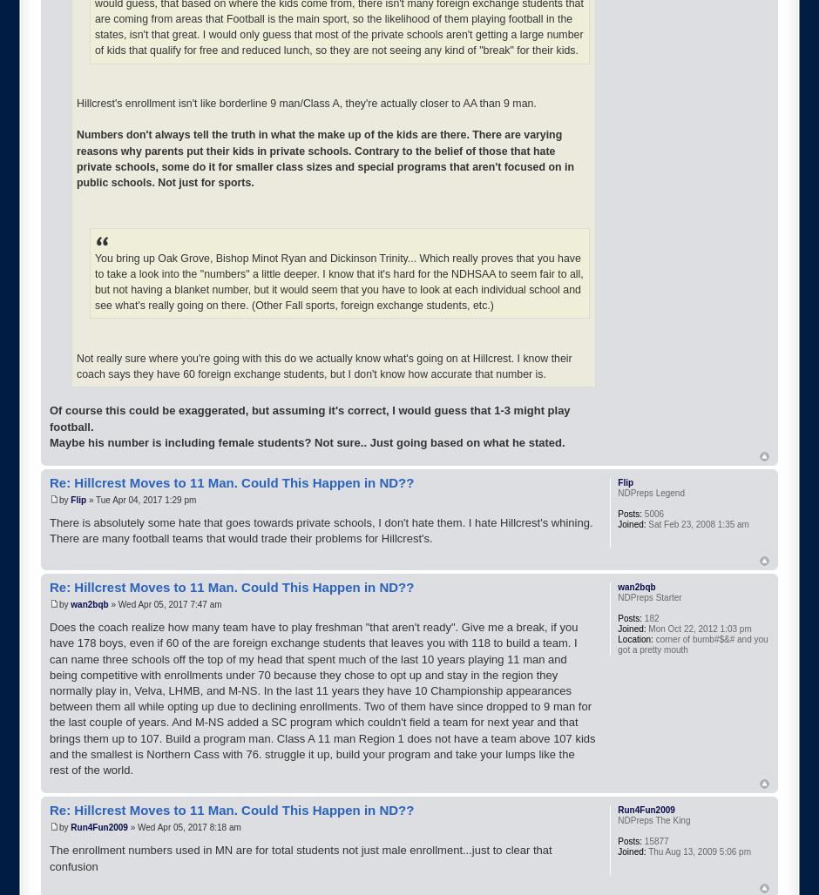 The width and height of the screenshot is (819, 895). What do you see at coordinates (650, 492) in the screenshot?
I see `'NDPreps Legend'` at bounding box center [650, 492].